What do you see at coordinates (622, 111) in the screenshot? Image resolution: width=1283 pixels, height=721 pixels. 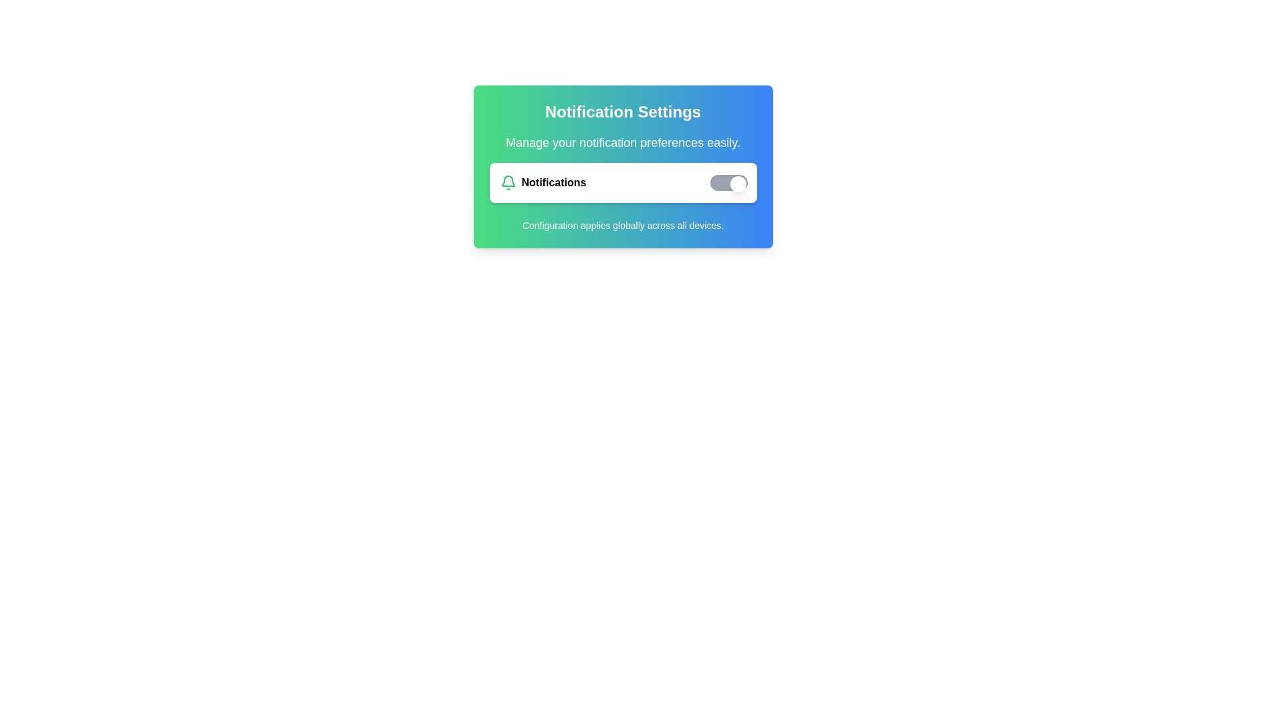 I see `the prominently displayed text label reading 'Notification Settings', which is styled with a bold font and positioned at the top of a card-like structure` at bounding box center [622, 111].